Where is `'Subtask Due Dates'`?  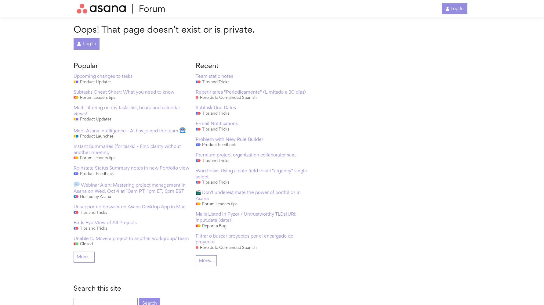 'Subtask Due Dates' is located at coordinates (195, 108).